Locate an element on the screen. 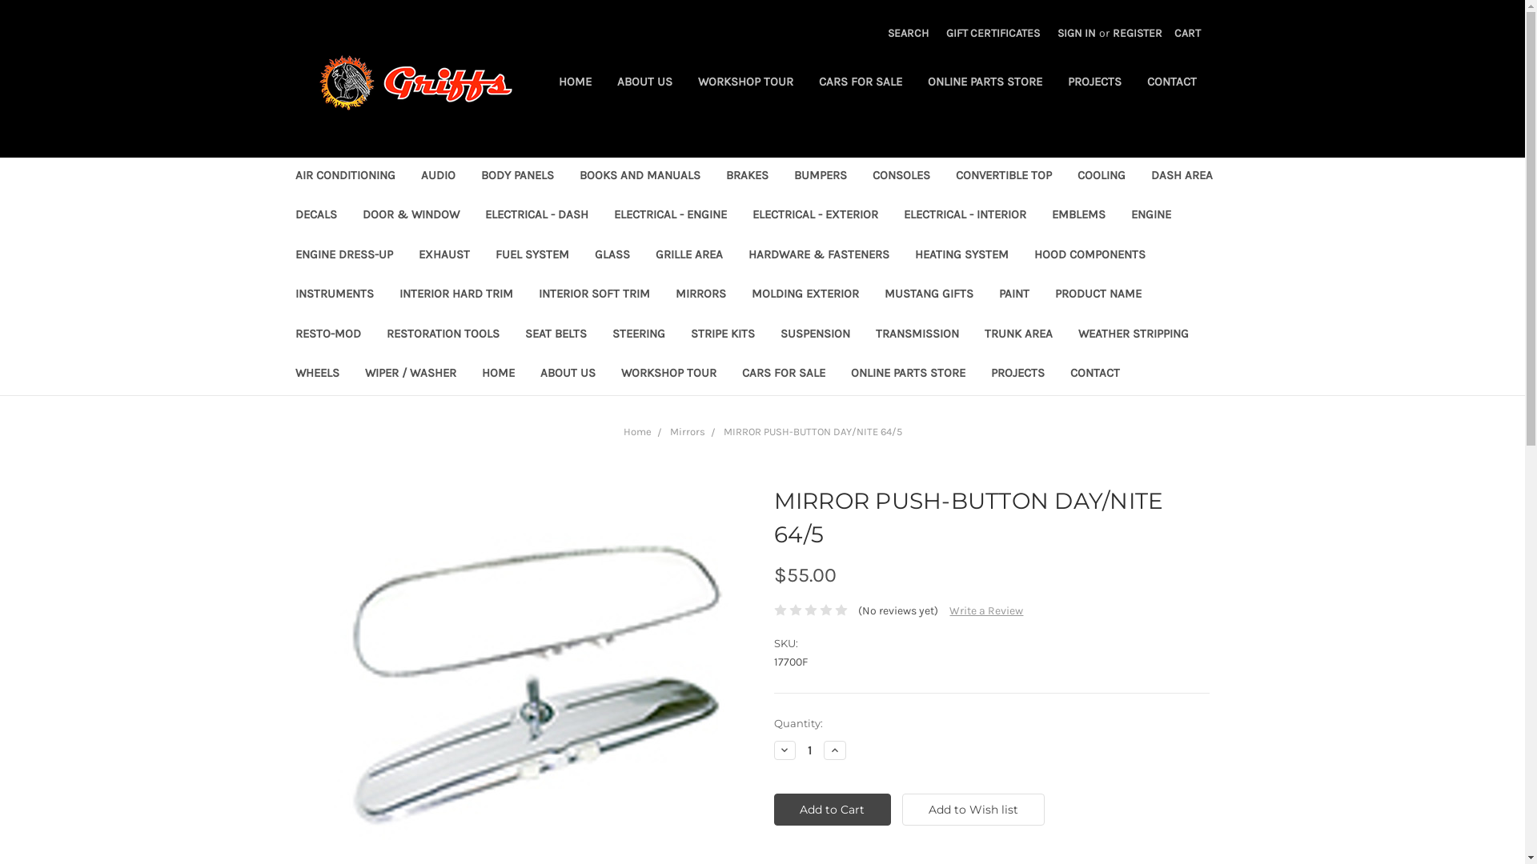  'TRUNK AREA' is located at coordinates (1017, 334).